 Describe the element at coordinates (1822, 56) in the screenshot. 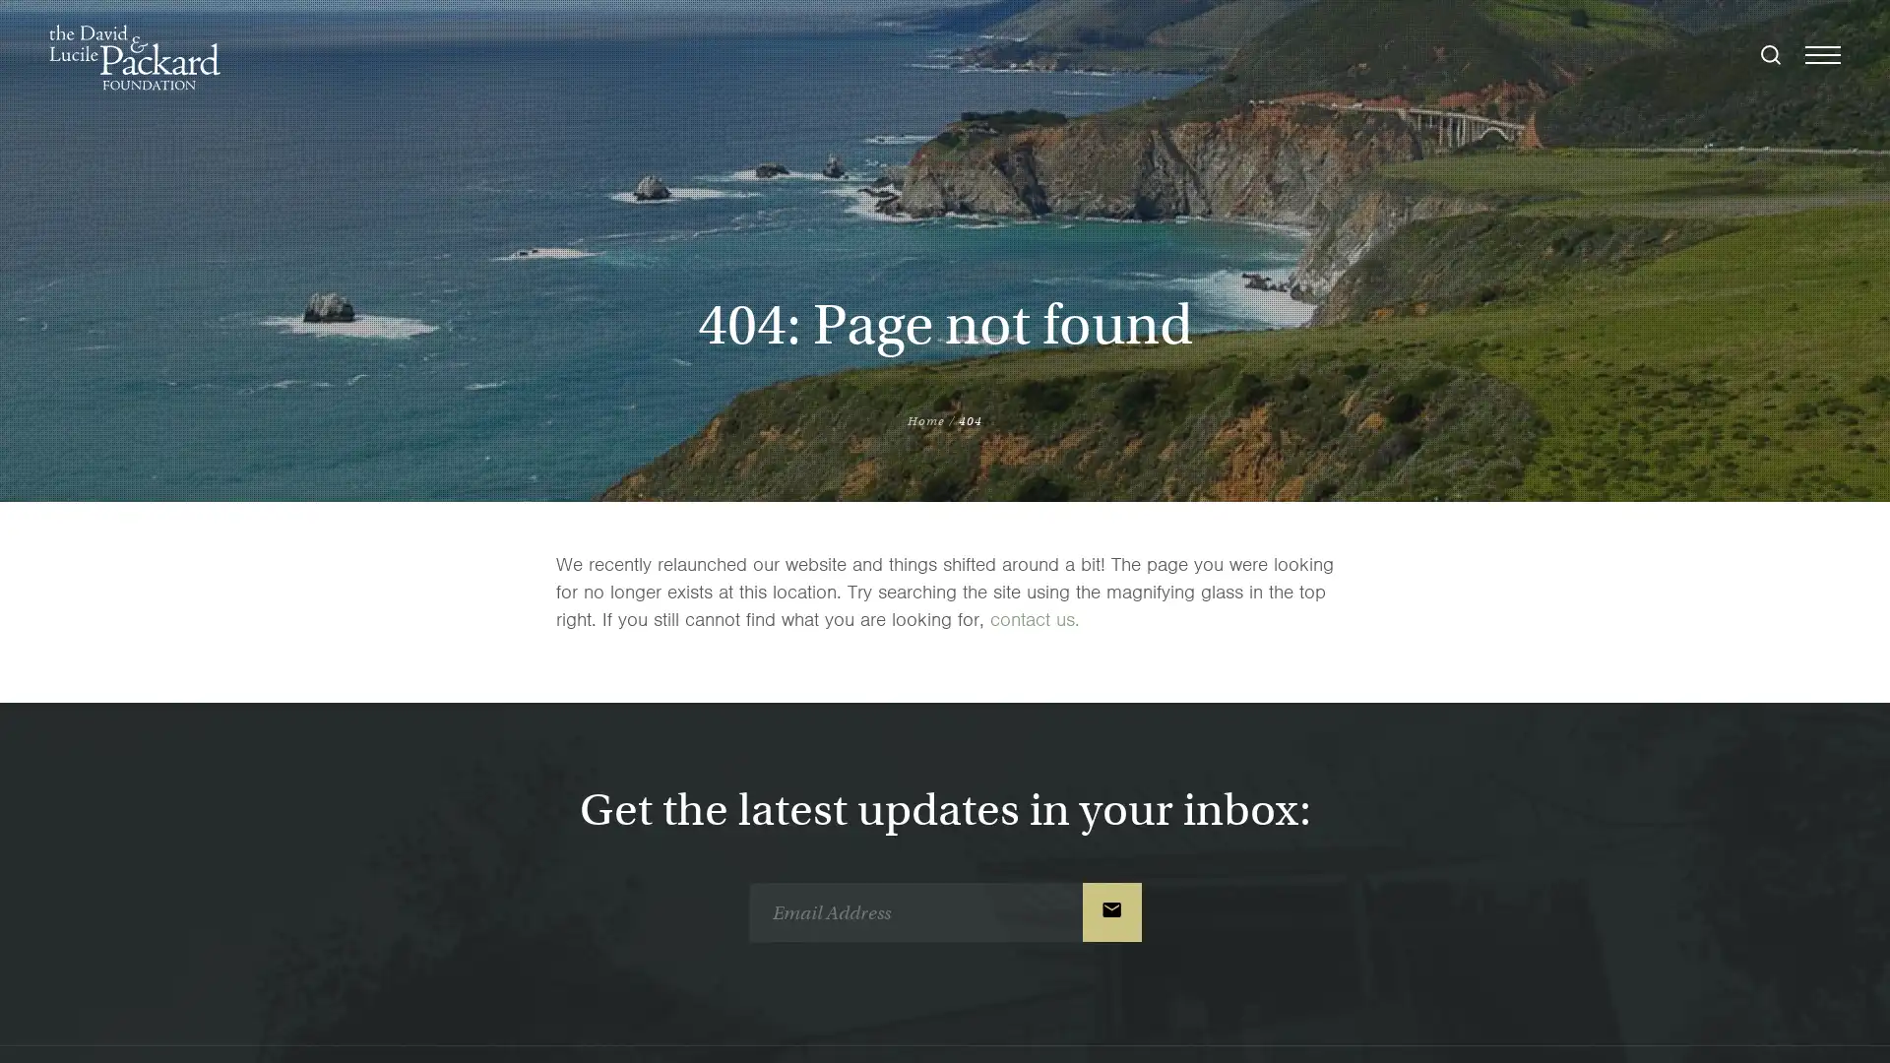

I see `Mobile Navigation Toggle` at that location.